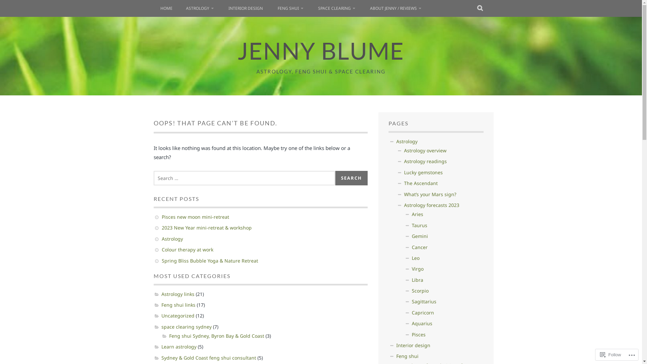  I want to click on 'ABOUT JENNY / REVIEWS', so click(363, 8).